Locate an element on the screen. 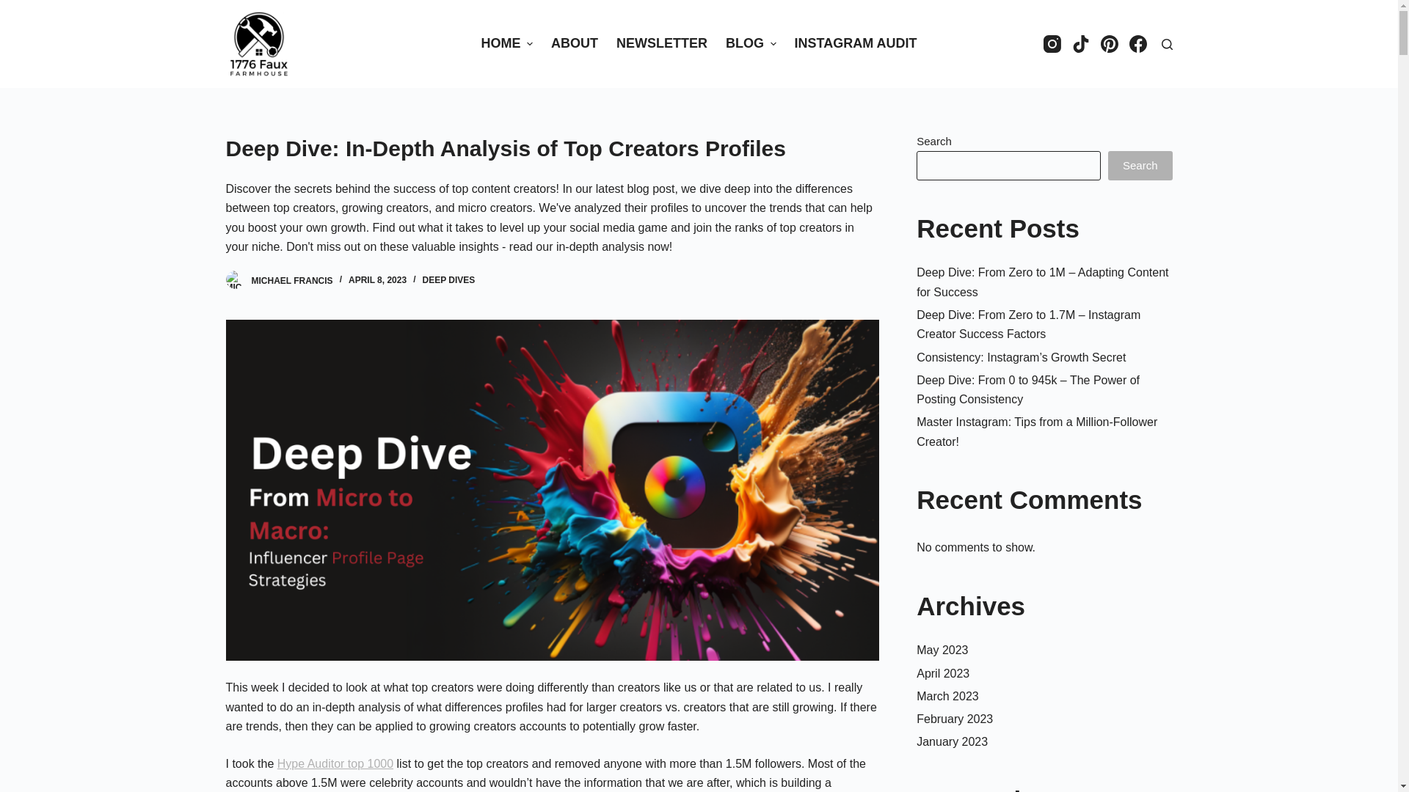 The image size is (1409, 792). 'DEEP DIVES' is located at coordinates (421, 279).